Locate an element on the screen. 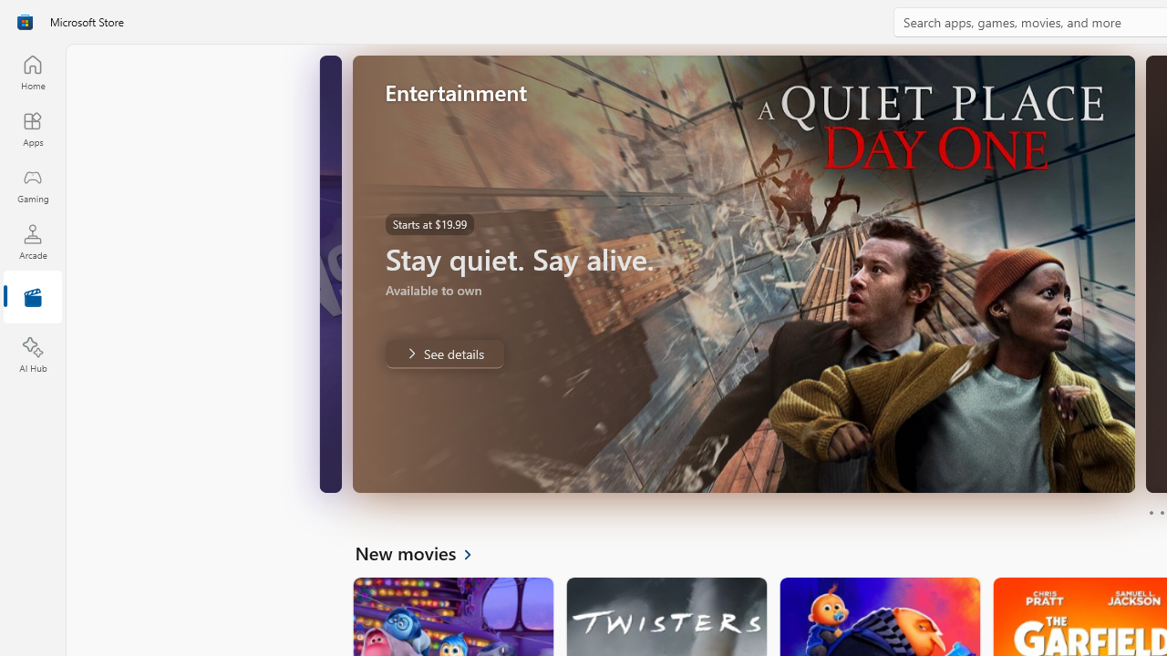 This screenshot has height=656, width=1167. 'See all  New movies' is located at coordinates (423, 551).